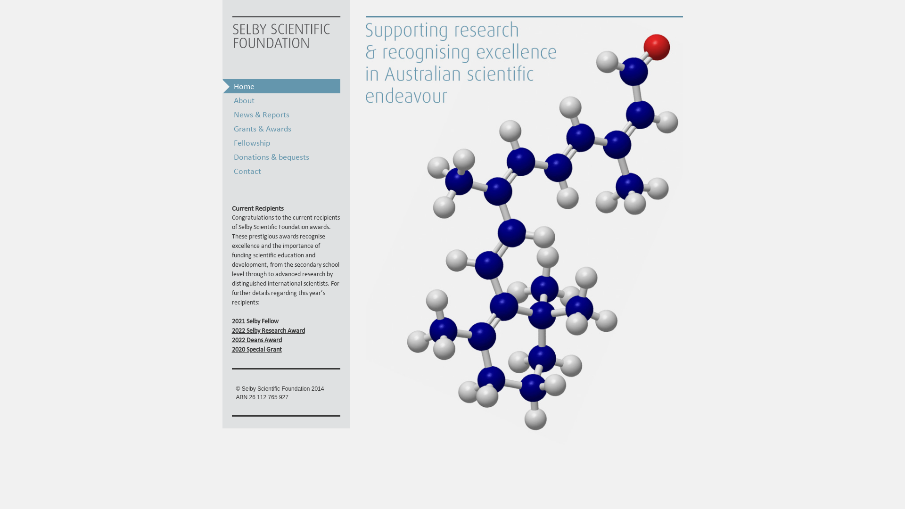  Describe the element at coordinates (280, 100) in the screenshot. I see `'About'` at that location.